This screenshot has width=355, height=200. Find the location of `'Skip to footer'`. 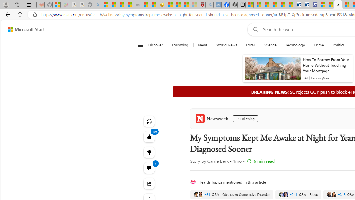

'Skip to footer' is located at coordinates (22, 29).